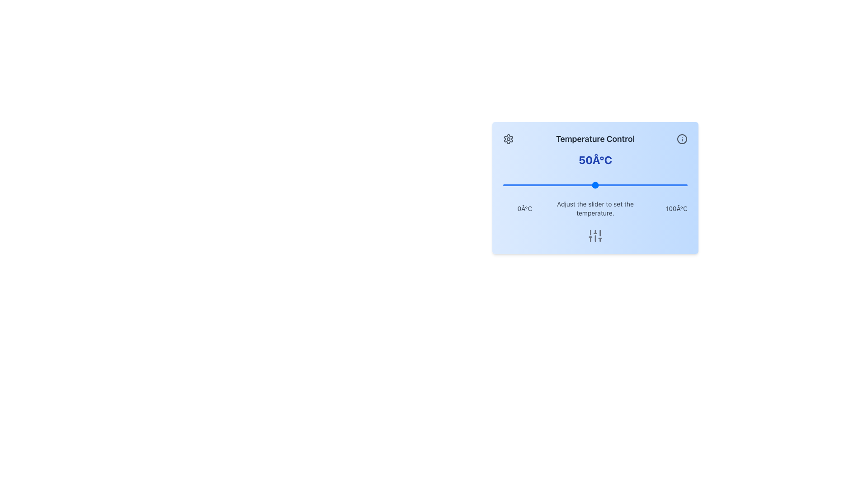  I want to click on the keyboard arrow keys, so click(595, 183).